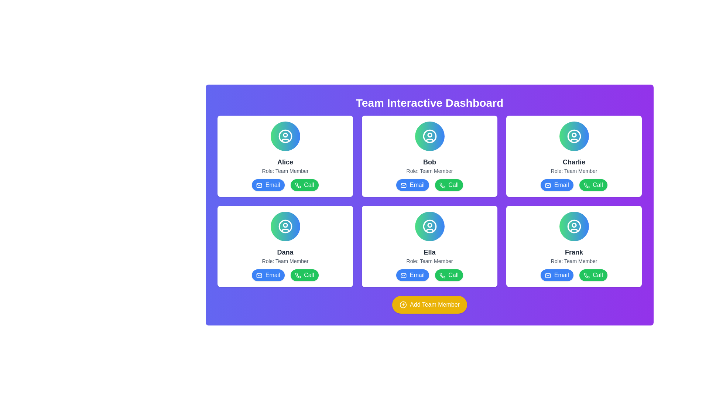 This screenshot has width=709, height=399. Describe the element at coordinates (429, 305) in the screenshot. I see `the yellow button labeled 'Add Team Member' located at the bottom center of the dashboard` at that location.